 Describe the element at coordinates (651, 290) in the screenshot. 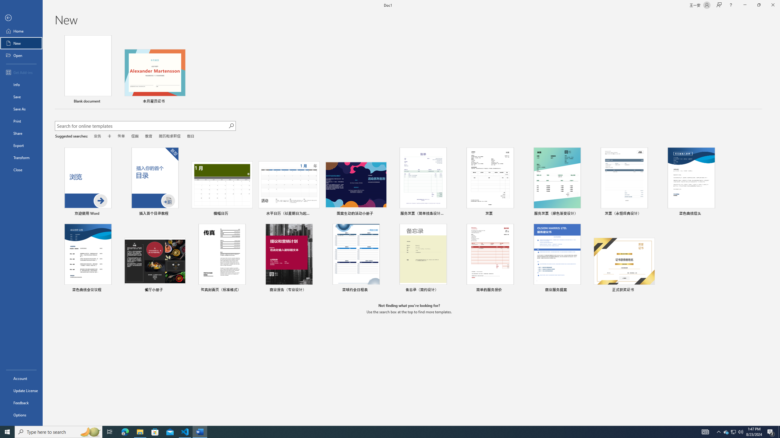

I see `'Pin to list'` at that location.